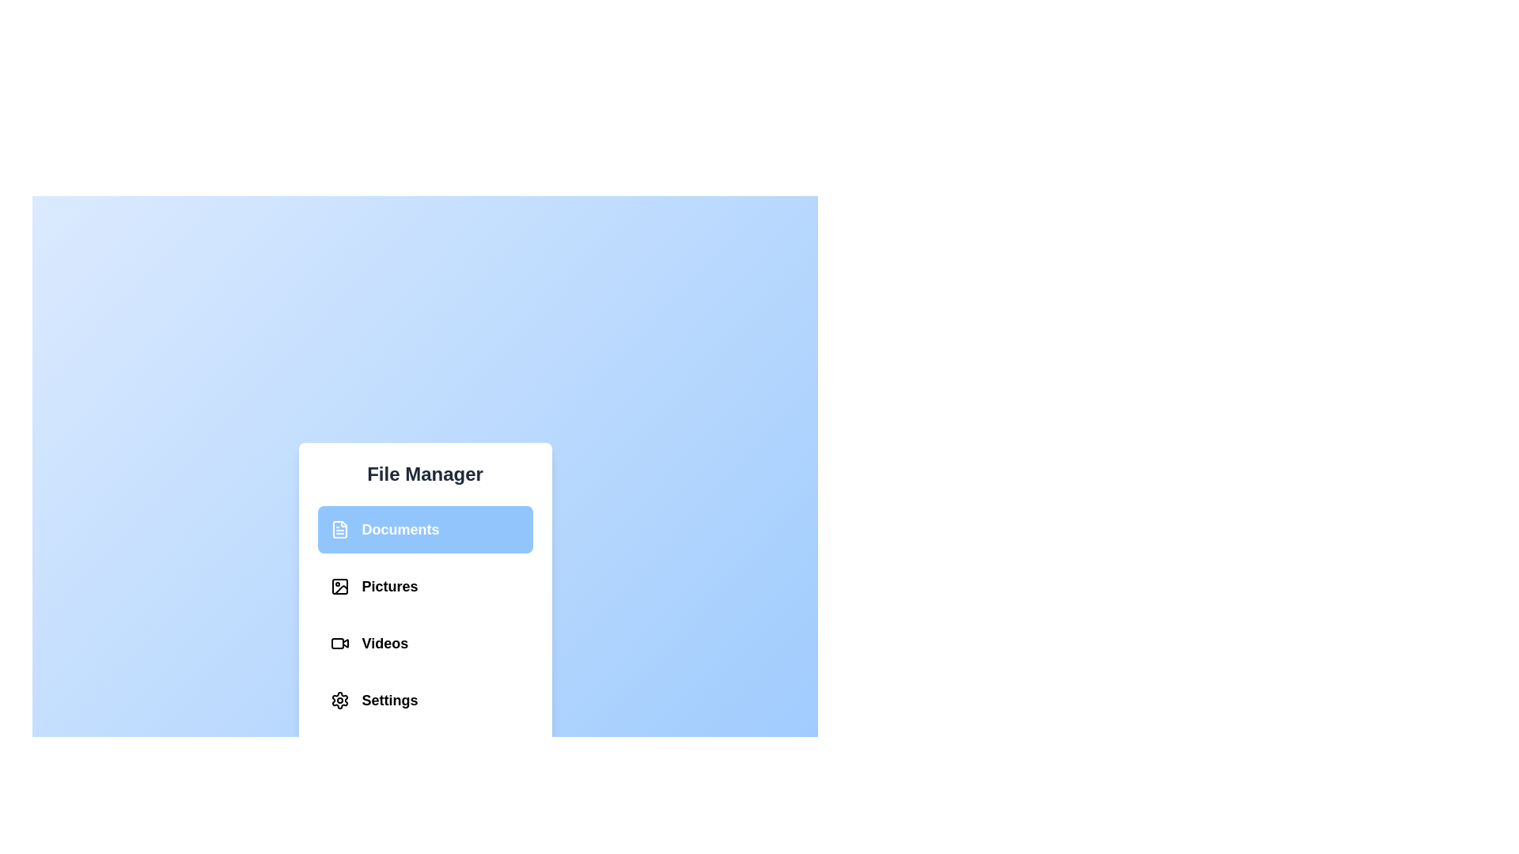  I want to click on the section Videos from the list, so click(425, 643).